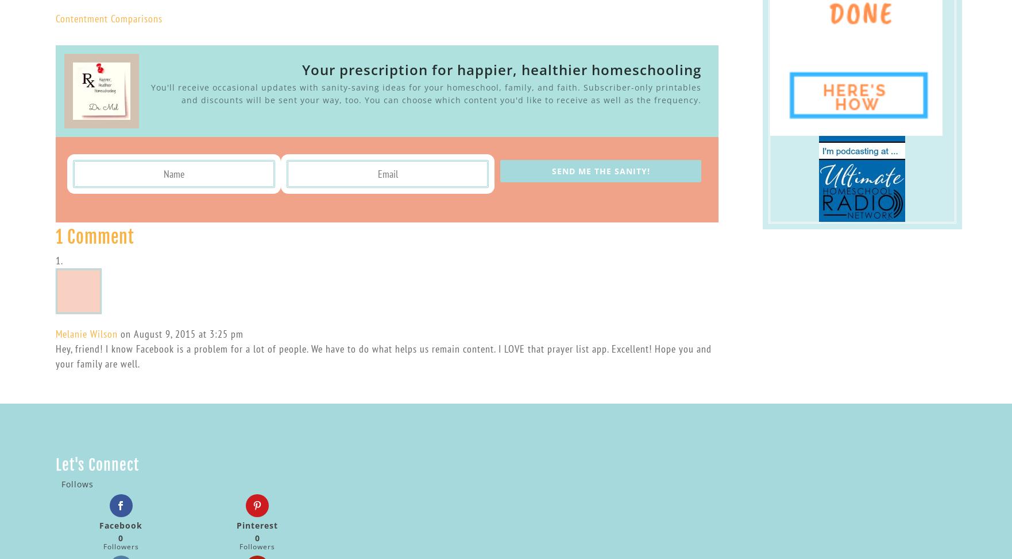 The height and width of the screenshot is (559, 1012). Describe the element at coordinates (425, 93) in the screenshot. I see `'You'll receive occasional updates with sanity-saving ideas for your homeschool, family, and faith. Subscriber-only printables and discounts will be sent your way, too. You can choose which content you'd like to receive as well as the frequency.'` at that location.